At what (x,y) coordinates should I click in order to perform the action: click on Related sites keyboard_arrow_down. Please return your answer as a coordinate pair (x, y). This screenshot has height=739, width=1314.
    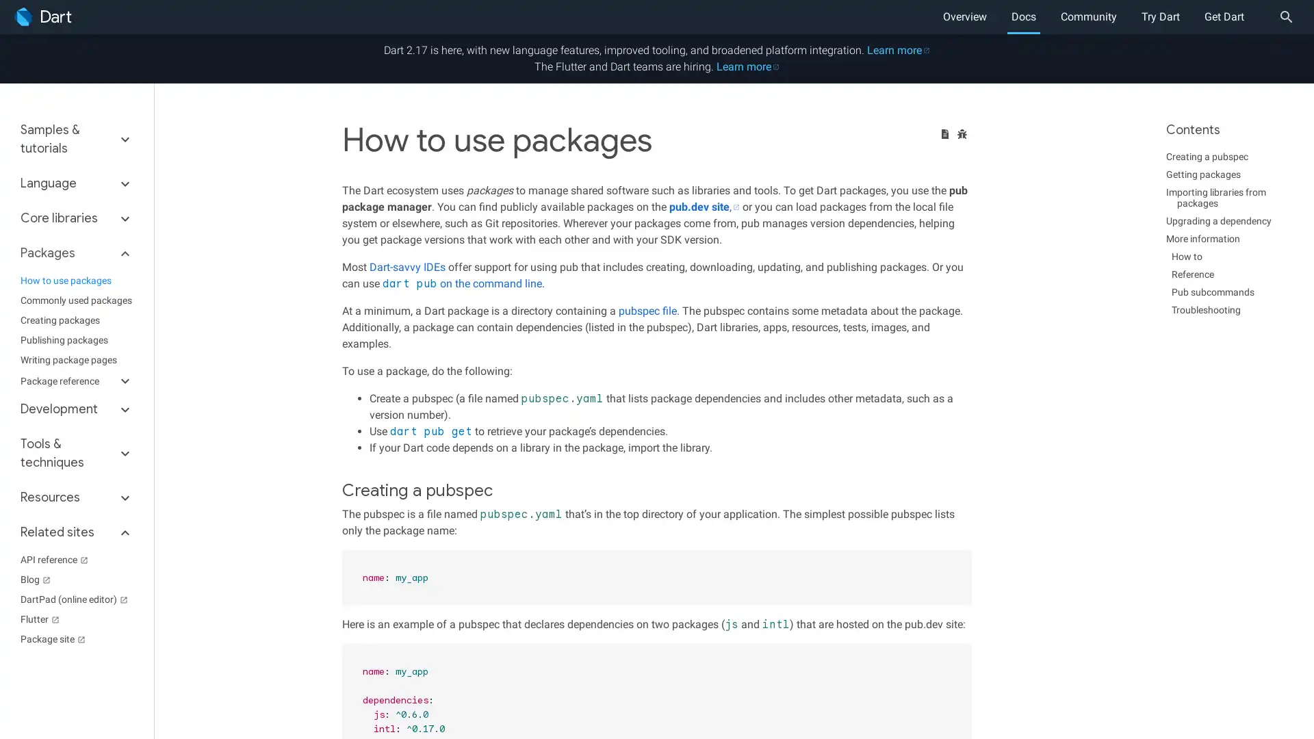
    Looking at the image, I should click on (76, 532).